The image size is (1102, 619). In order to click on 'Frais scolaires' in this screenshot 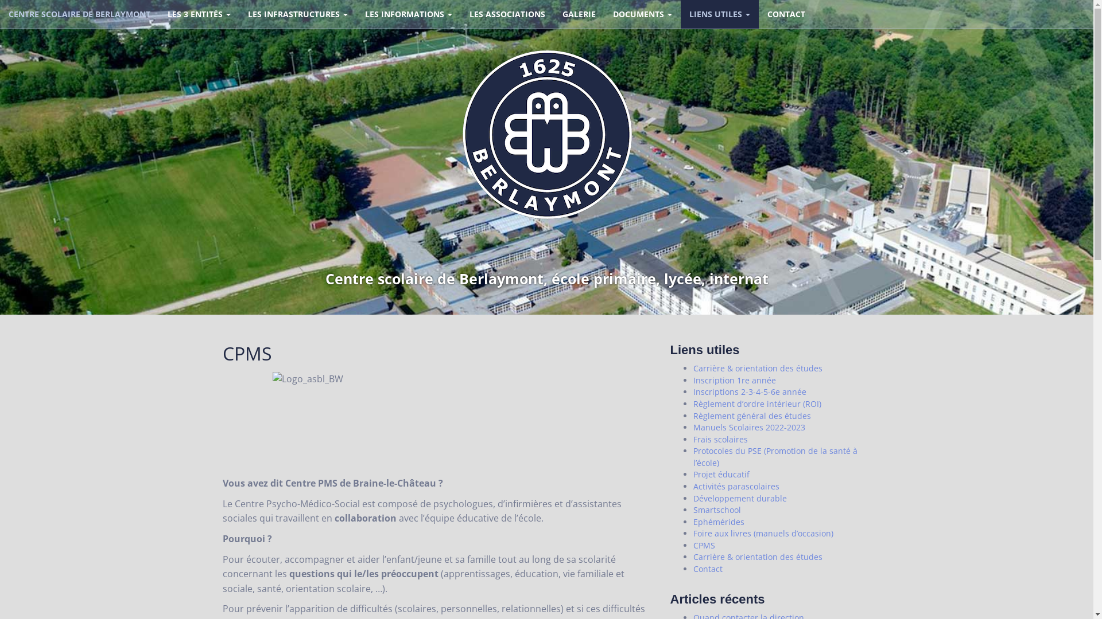, I will do `click(693, 438)`.